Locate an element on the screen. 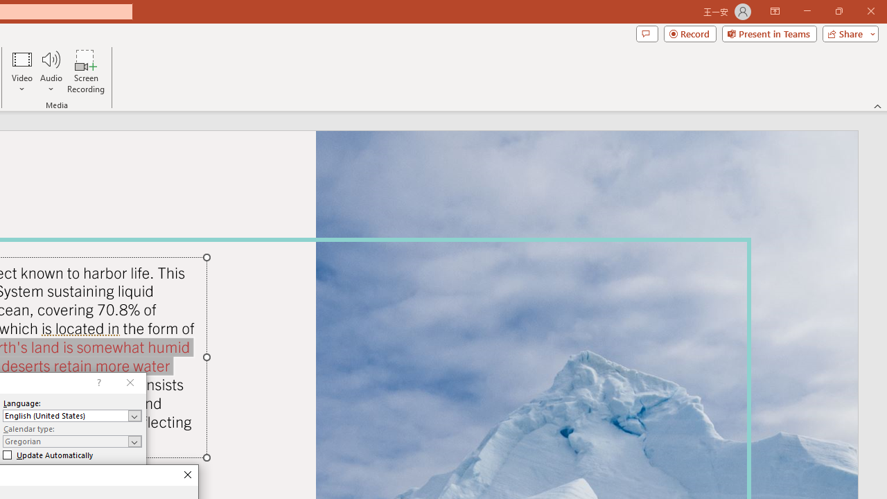  'Collapse the Ribbon' is located at coordinates (877, 105).